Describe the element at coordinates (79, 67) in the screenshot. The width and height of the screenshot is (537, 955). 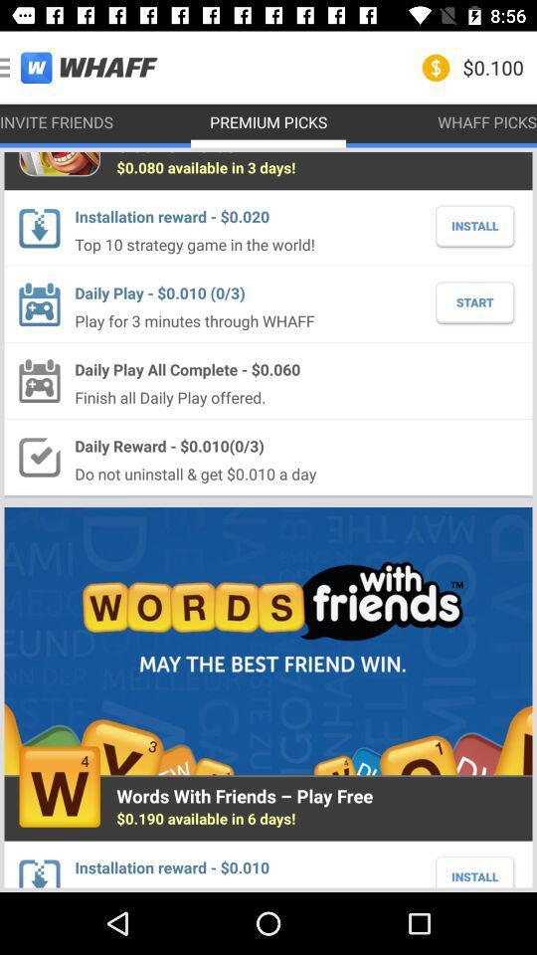
I see `app next to the premium picks` at that location.